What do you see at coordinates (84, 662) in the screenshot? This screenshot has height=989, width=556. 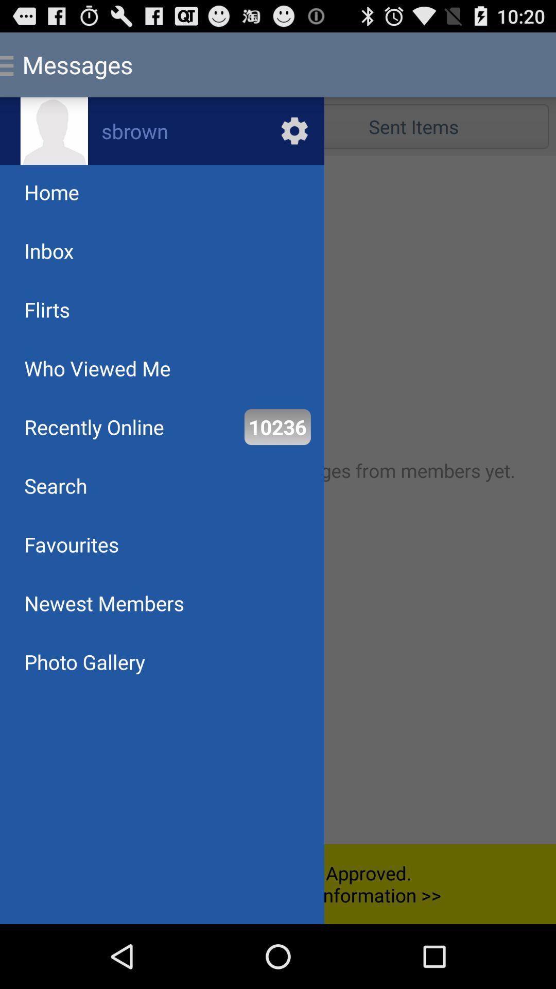 I see `photo gallery icon` at bounding box center [84, 662].